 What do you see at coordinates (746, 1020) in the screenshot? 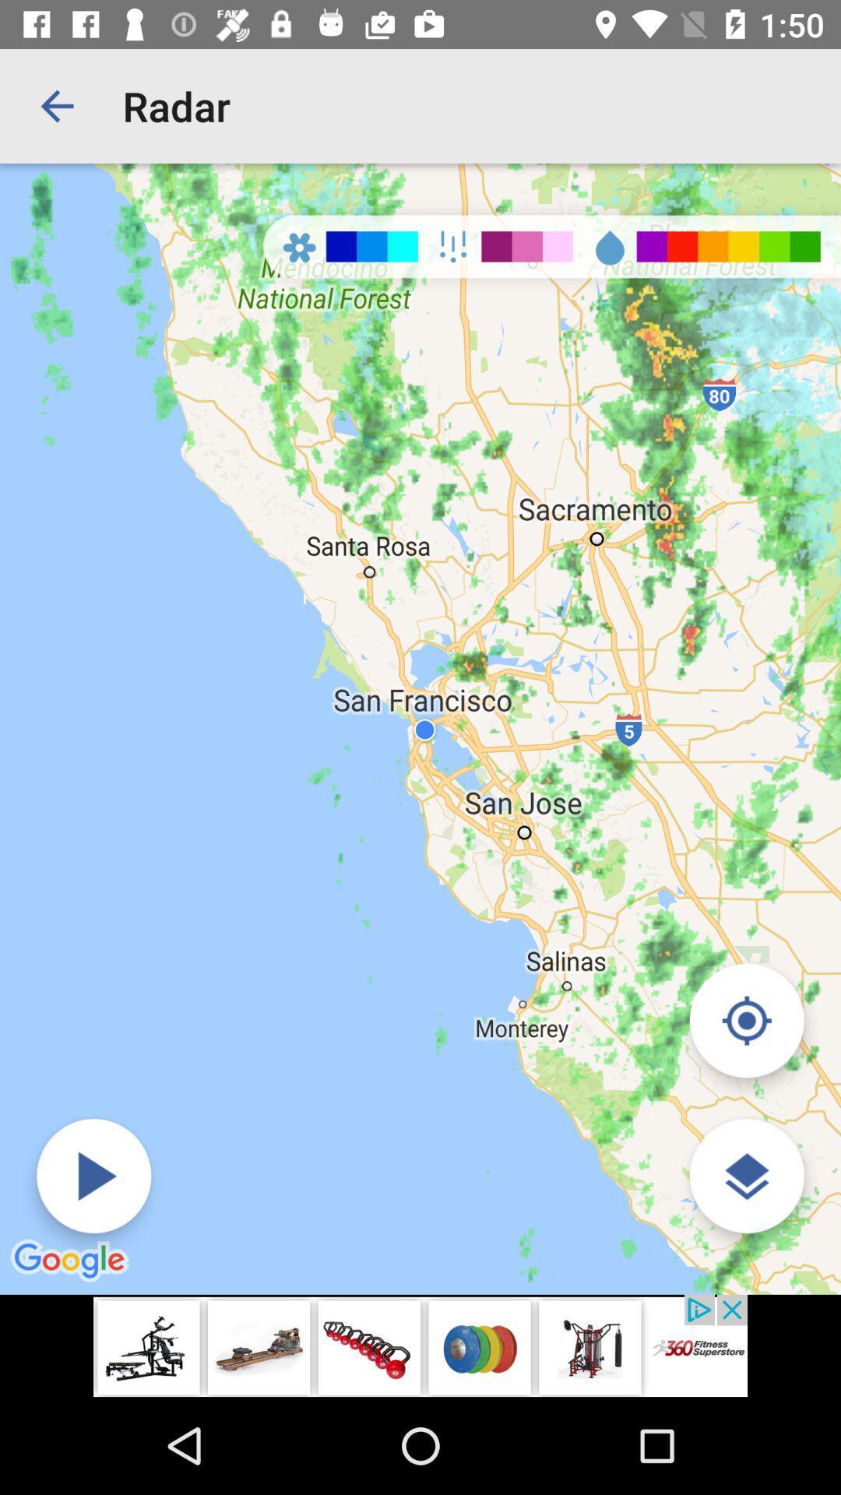
I see `my location` at bounding box center [746, 1020].